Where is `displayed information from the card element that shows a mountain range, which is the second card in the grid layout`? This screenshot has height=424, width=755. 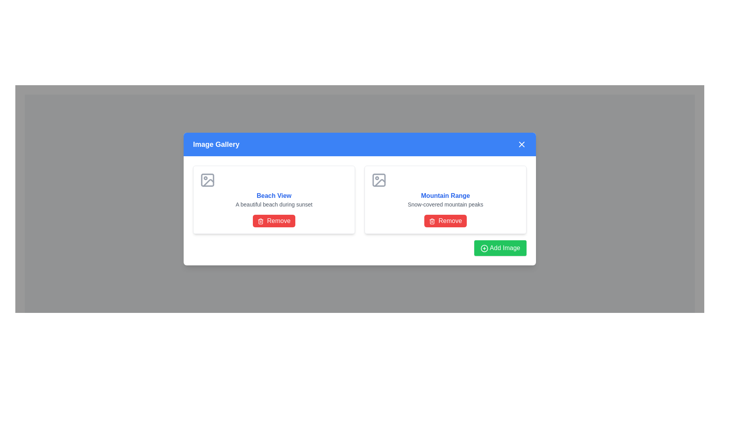
displayed information from the card element that shows a mountain range, which is the second card in the grid layout is located at coordinates (445, 199).